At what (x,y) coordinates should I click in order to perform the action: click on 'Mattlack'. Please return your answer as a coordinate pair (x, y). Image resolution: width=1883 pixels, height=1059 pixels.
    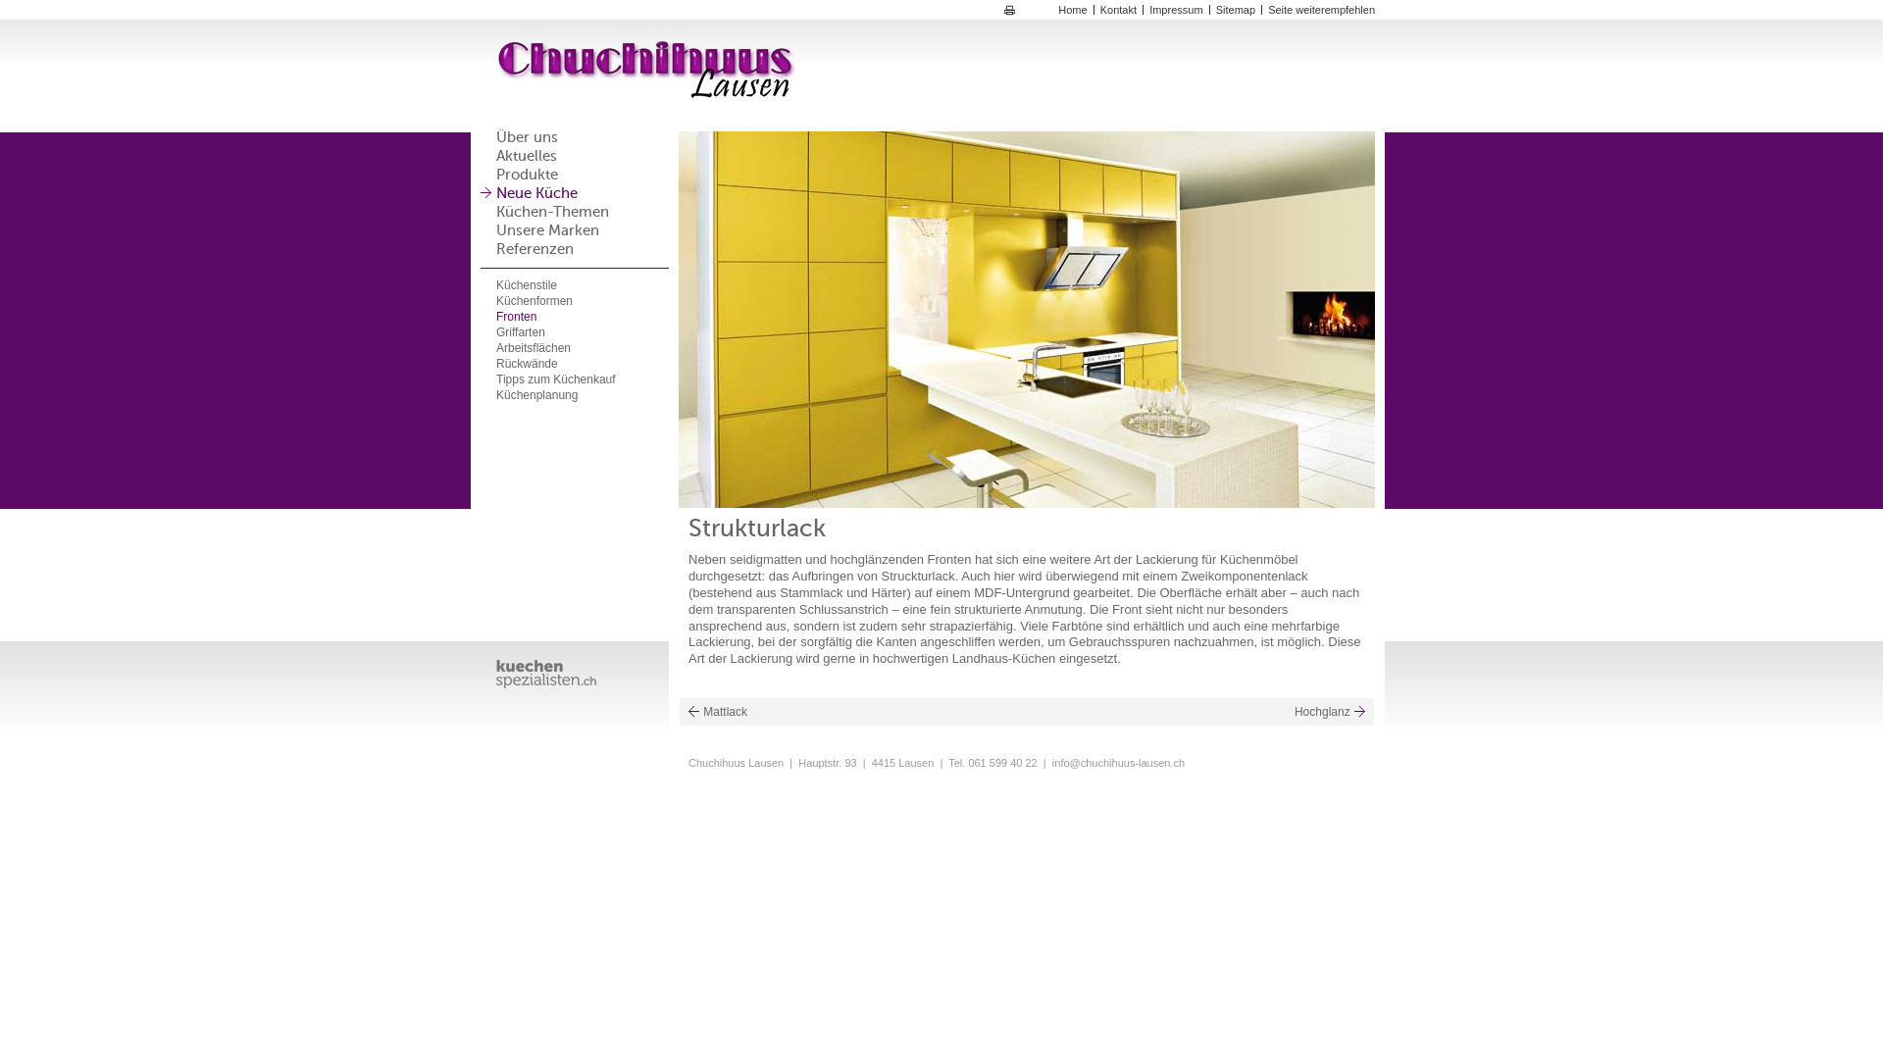
    Looking at the image, I should click on (687, 711).